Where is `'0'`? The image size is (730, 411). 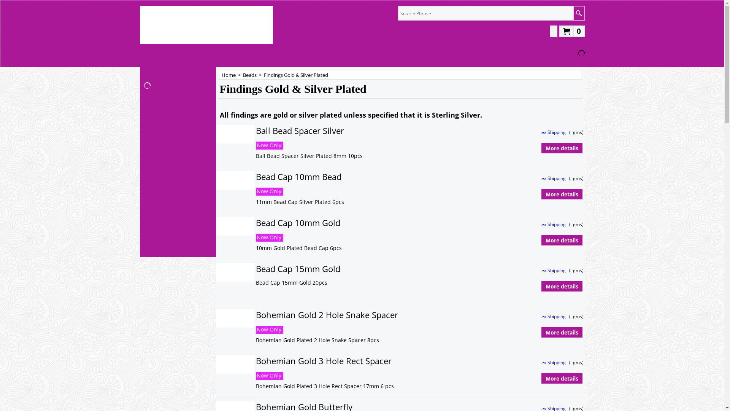 '0' is located at coordinates (571, 30).